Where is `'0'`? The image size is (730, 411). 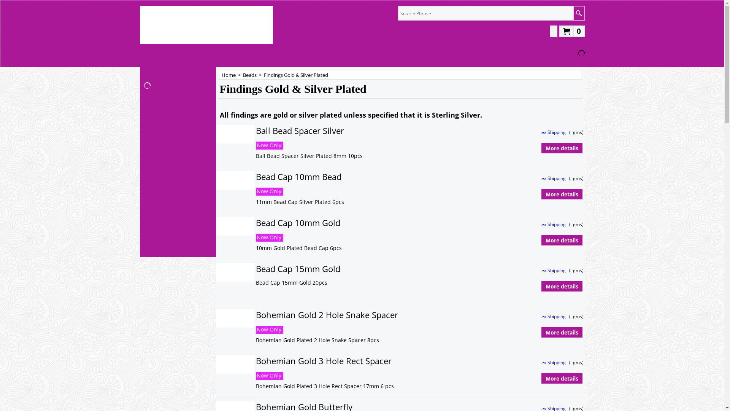 '0' is located at coordinates (571, 30).